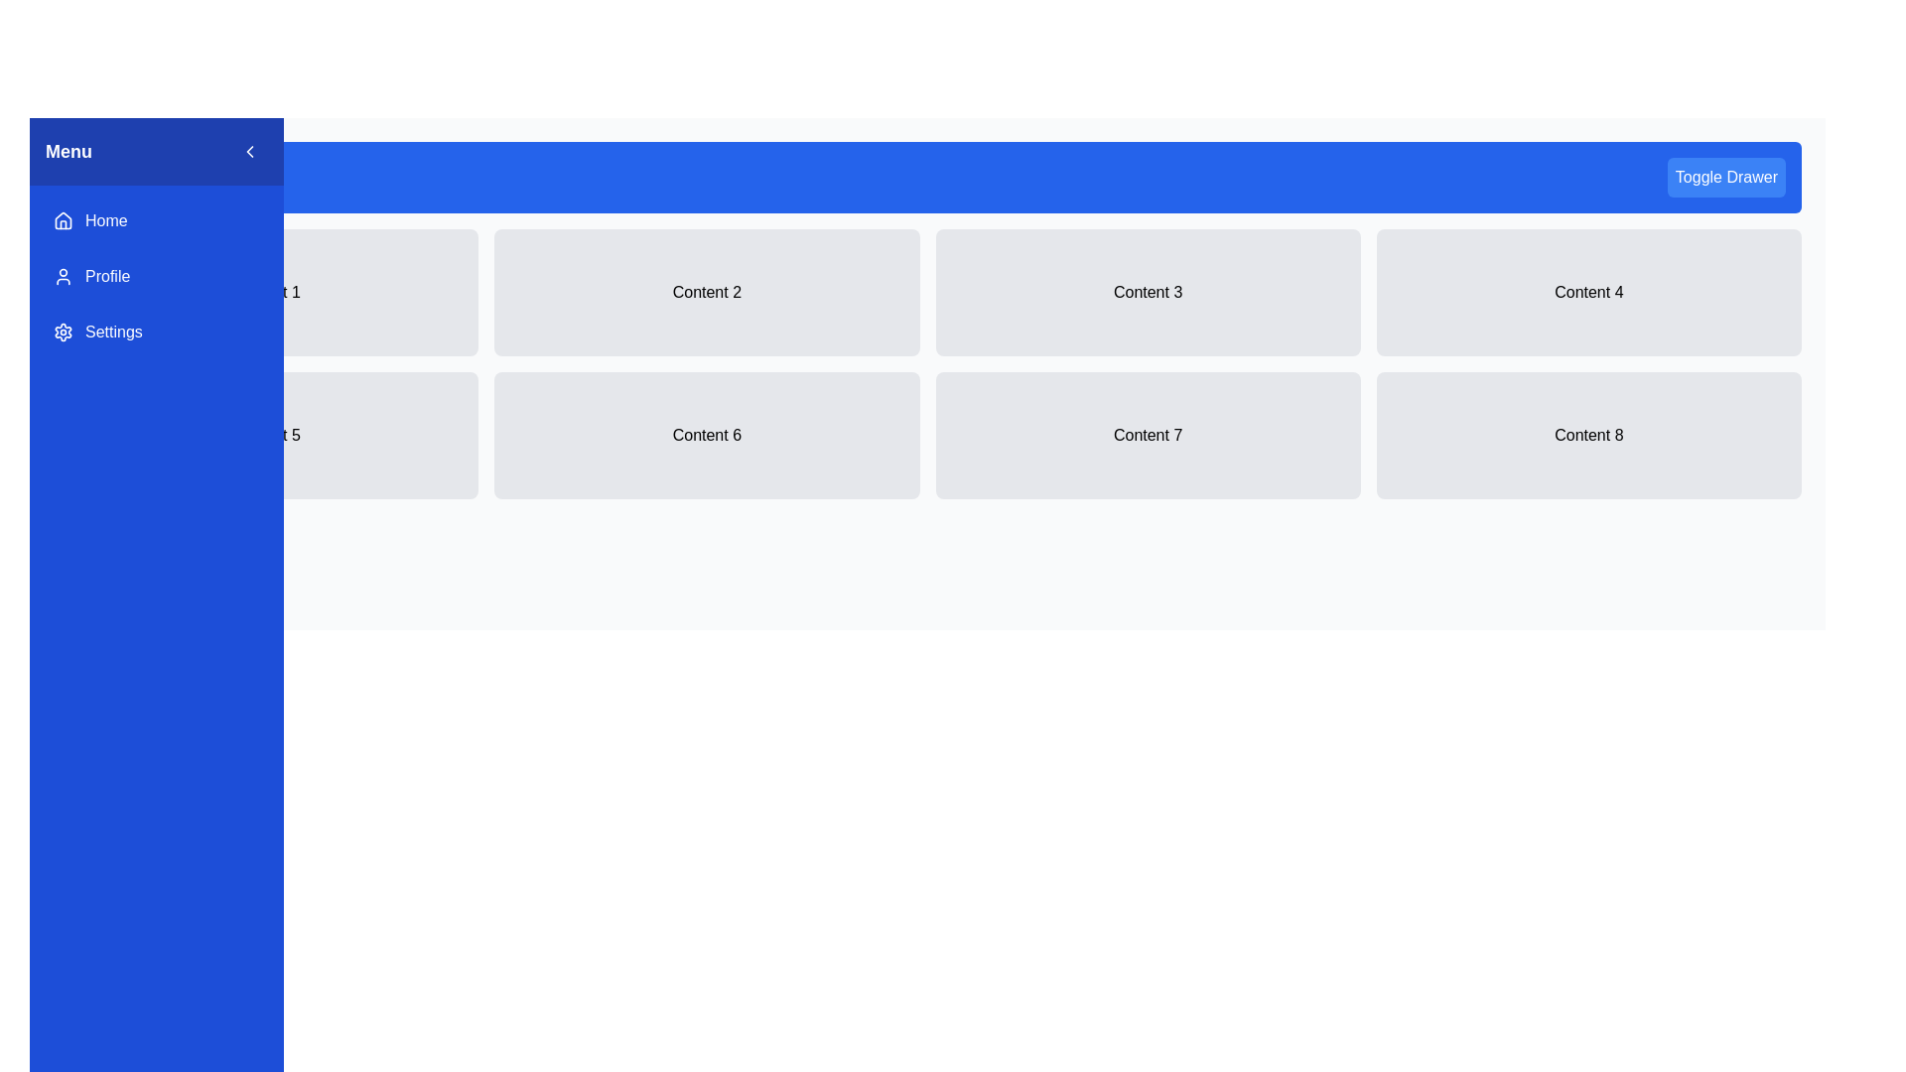 Image resolution: width=1906 pixels, height=1072 pixels. I want to click on the 'Toggle Drawer' button, which is a blue rectangular button with rounded edges, located at the far-right end of the dashboard section, so click(1725, 176).